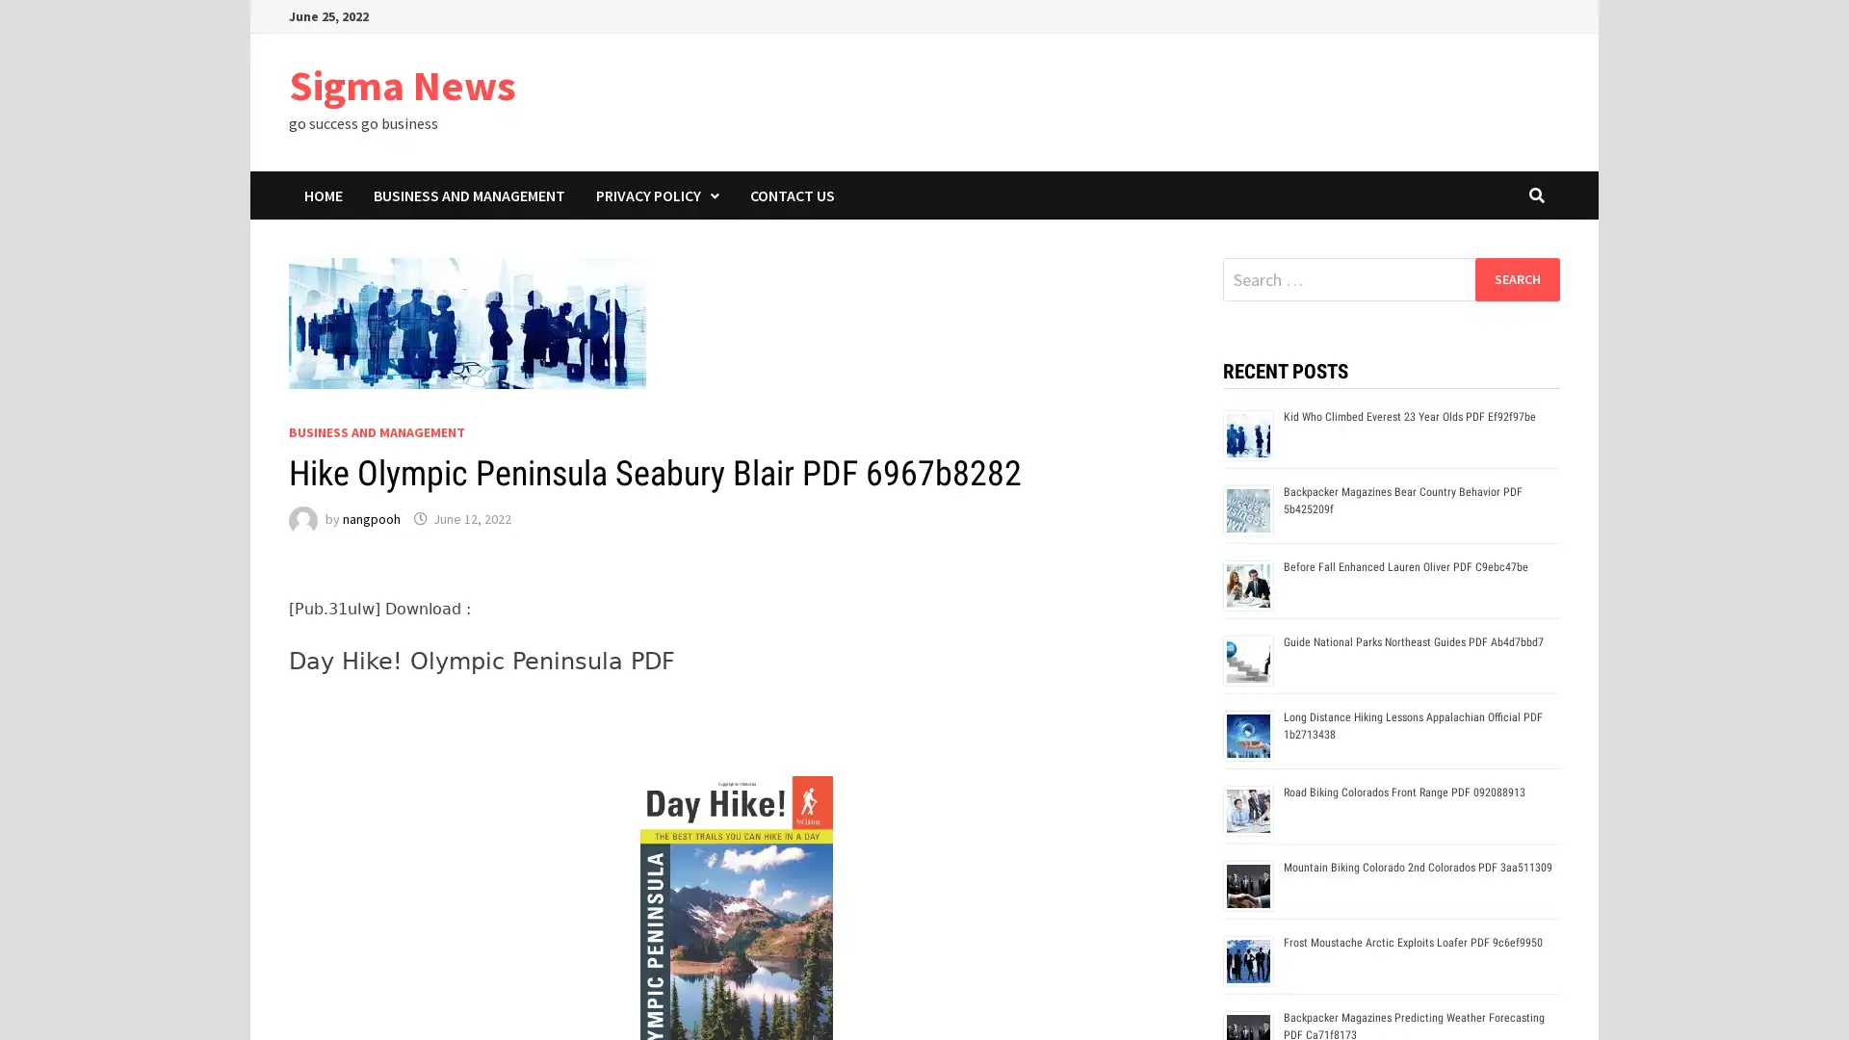 This screenshot has width=1849, height=1040. What do you see at coordinates (1516, 278) in the screenshot?
I see `Search` at bounding box center [1516, 278].